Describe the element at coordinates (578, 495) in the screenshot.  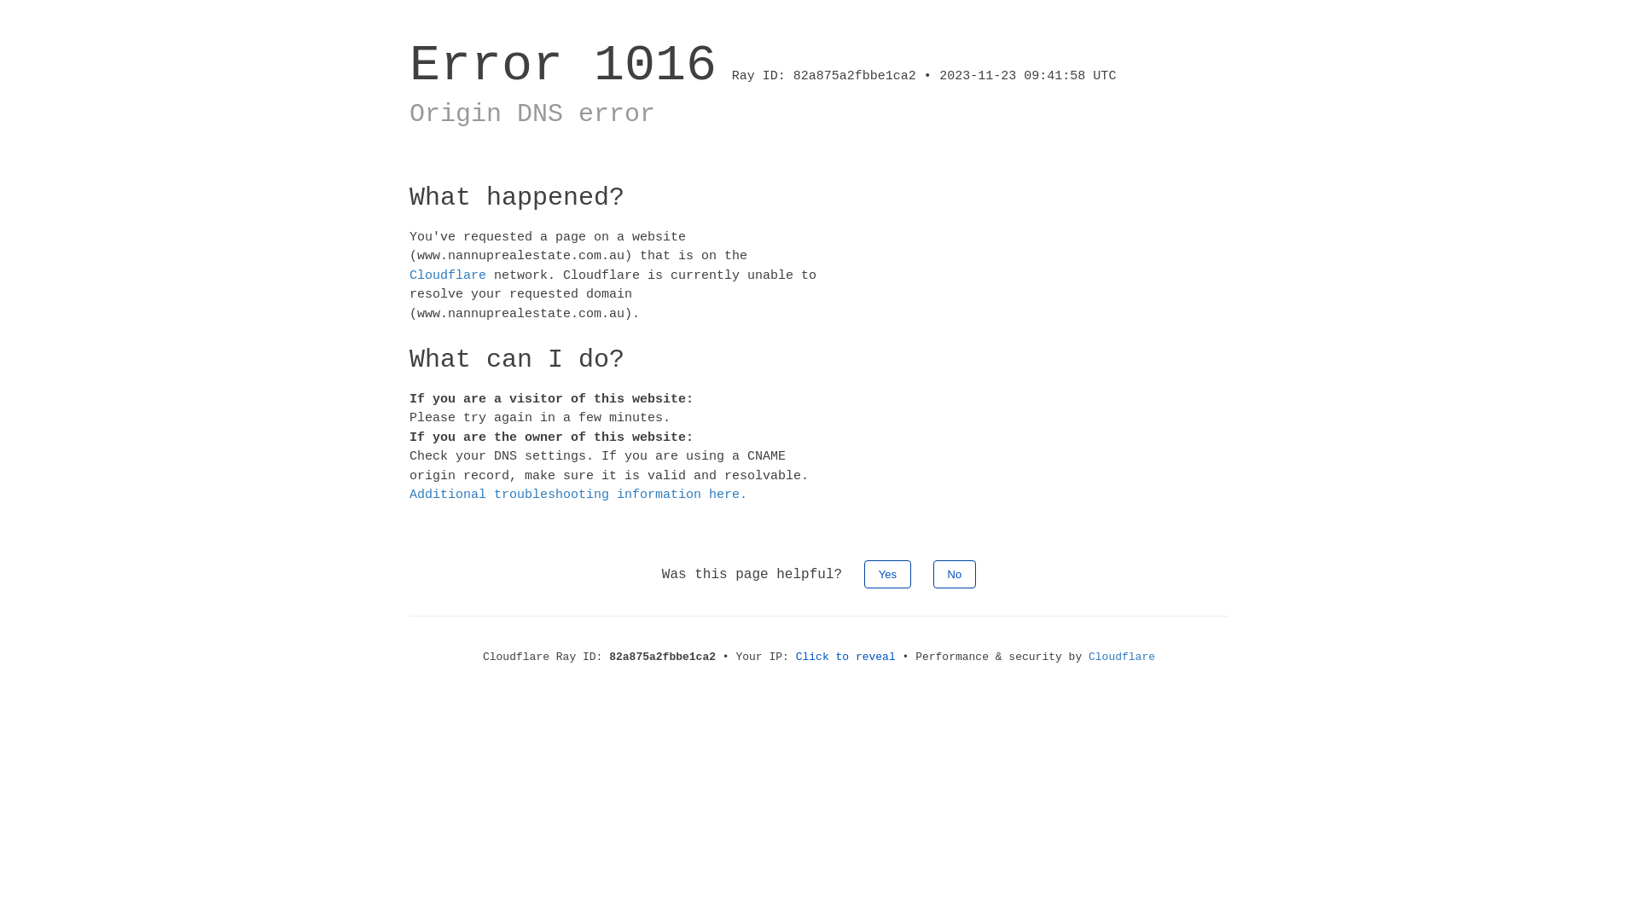
I see `'Additional troubleshooting information here.'` at that location.